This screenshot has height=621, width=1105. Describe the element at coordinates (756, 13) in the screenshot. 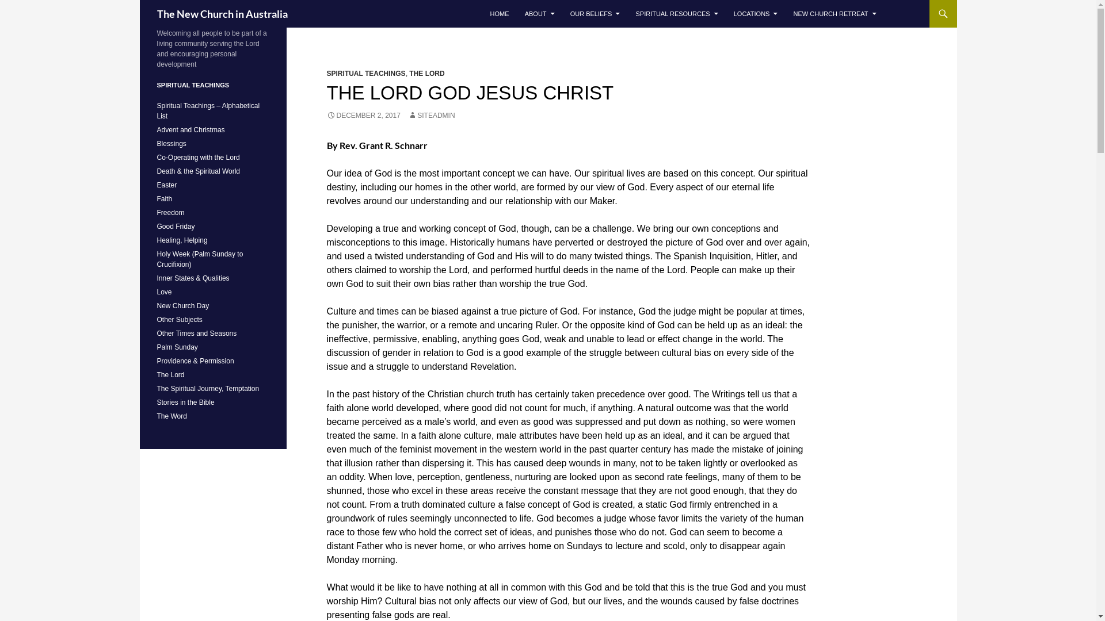

I see `'LOCATIONS'` at that location.